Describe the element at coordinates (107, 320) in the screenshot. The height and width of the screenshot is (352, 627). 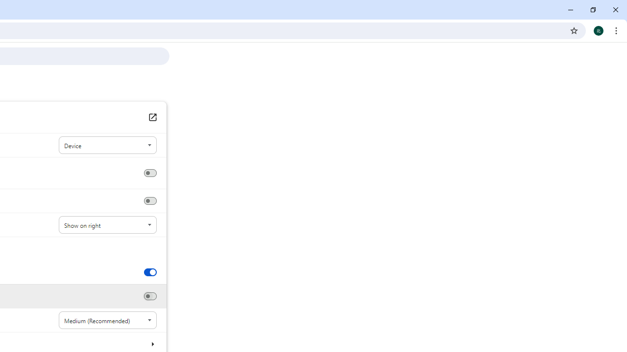
I see `'Font size'` at that location.